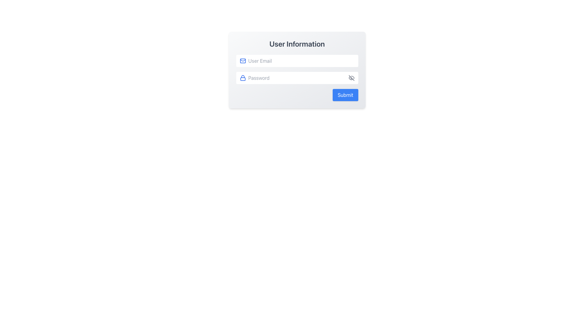 This screenshot has width=586, height=329. Describe the element at coordinates (242, 79) in the screenshot. I see `the main body of the lock icon, which is a simple rectangular shape located to the left of the 'Password' input field` at that location.